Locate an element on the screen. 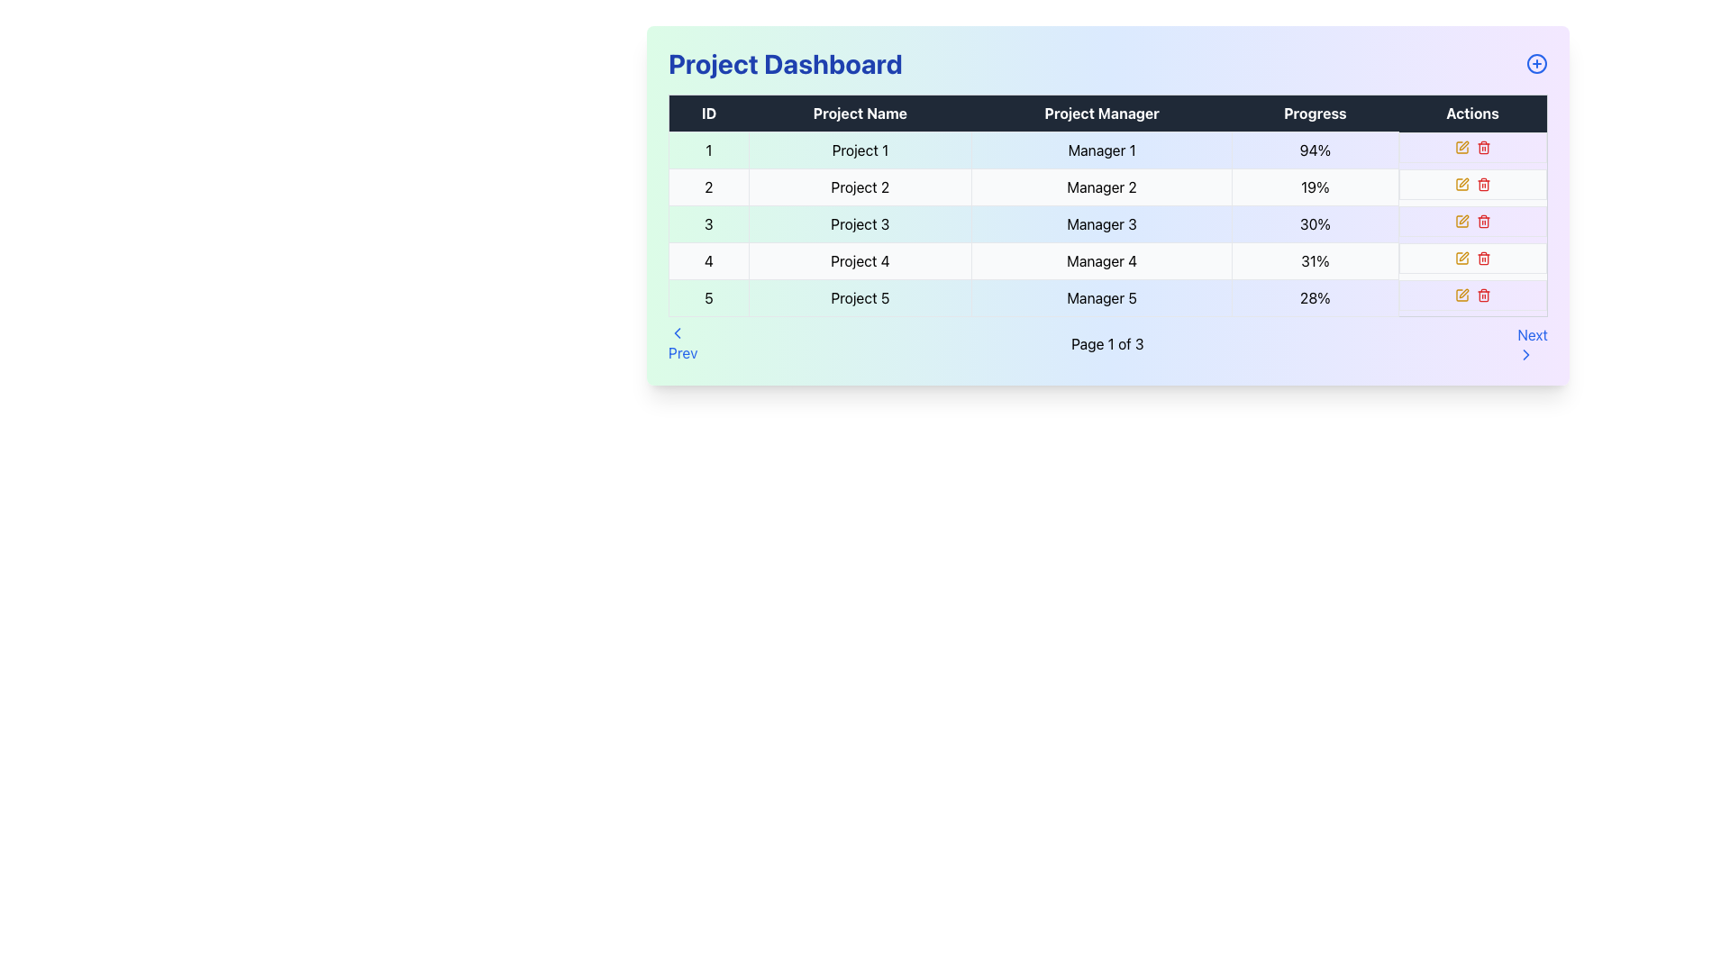 The image size is (1730, 973). the editing icon with rounded corners located in the 'Actions' column for 'Project 2', positioned to the left of the trash can icon is located at coordinates (1461, 184).